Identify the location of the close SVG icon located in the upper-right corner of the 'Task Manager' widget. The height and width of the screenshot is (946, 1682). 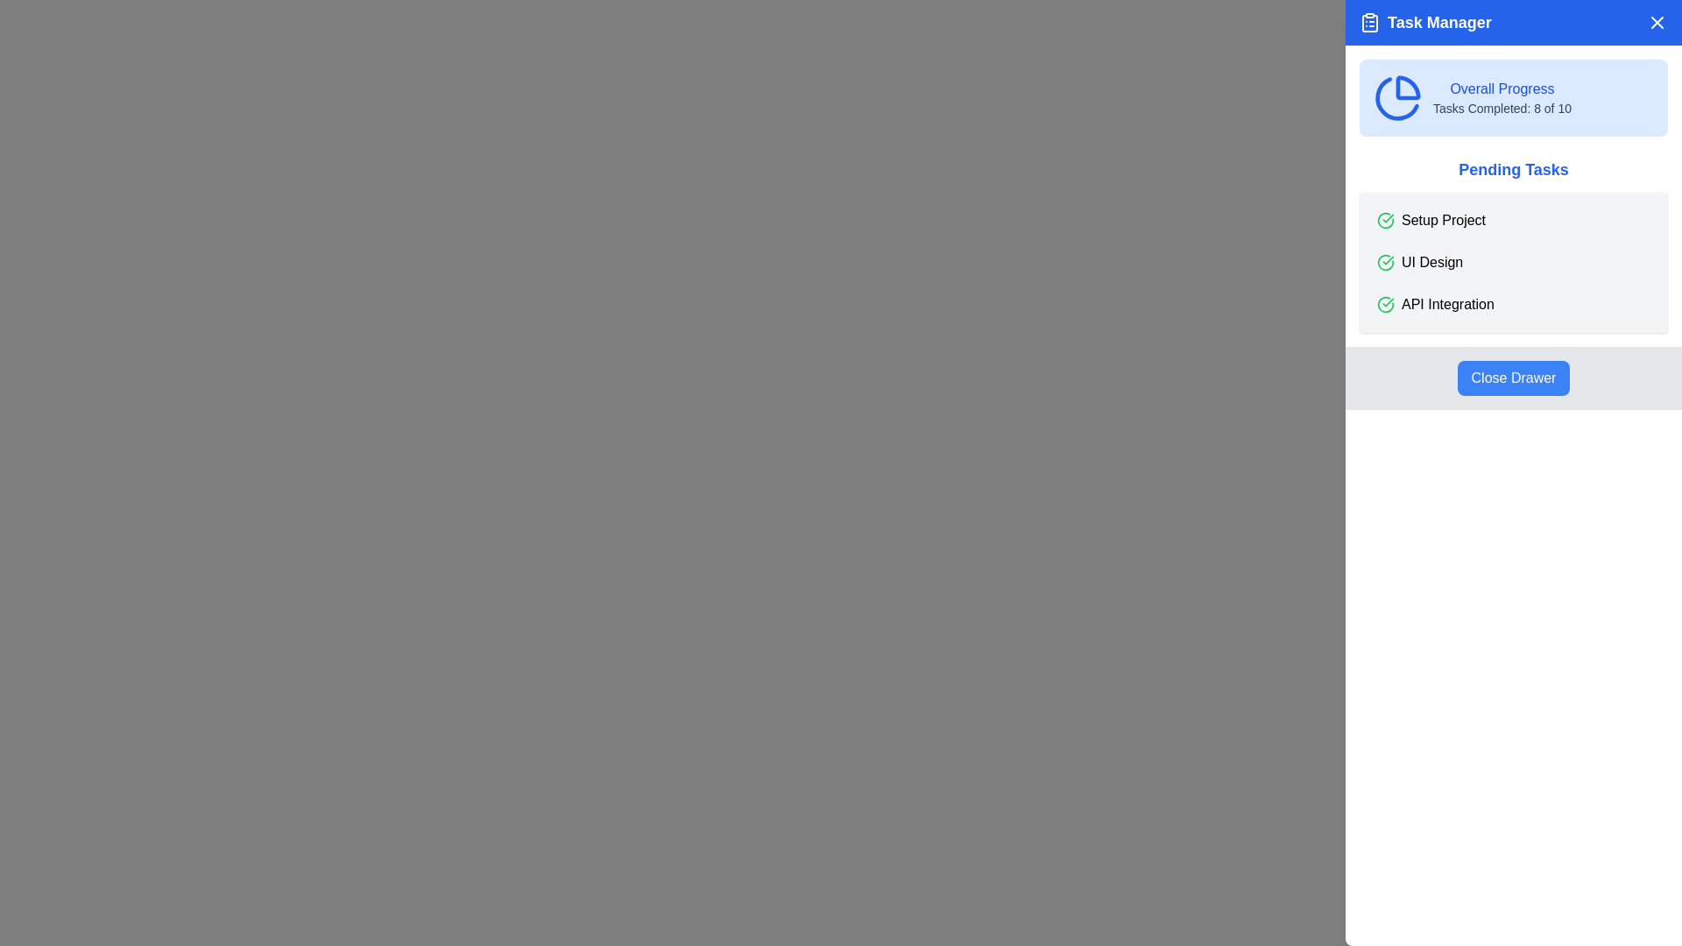
(1656, 23).